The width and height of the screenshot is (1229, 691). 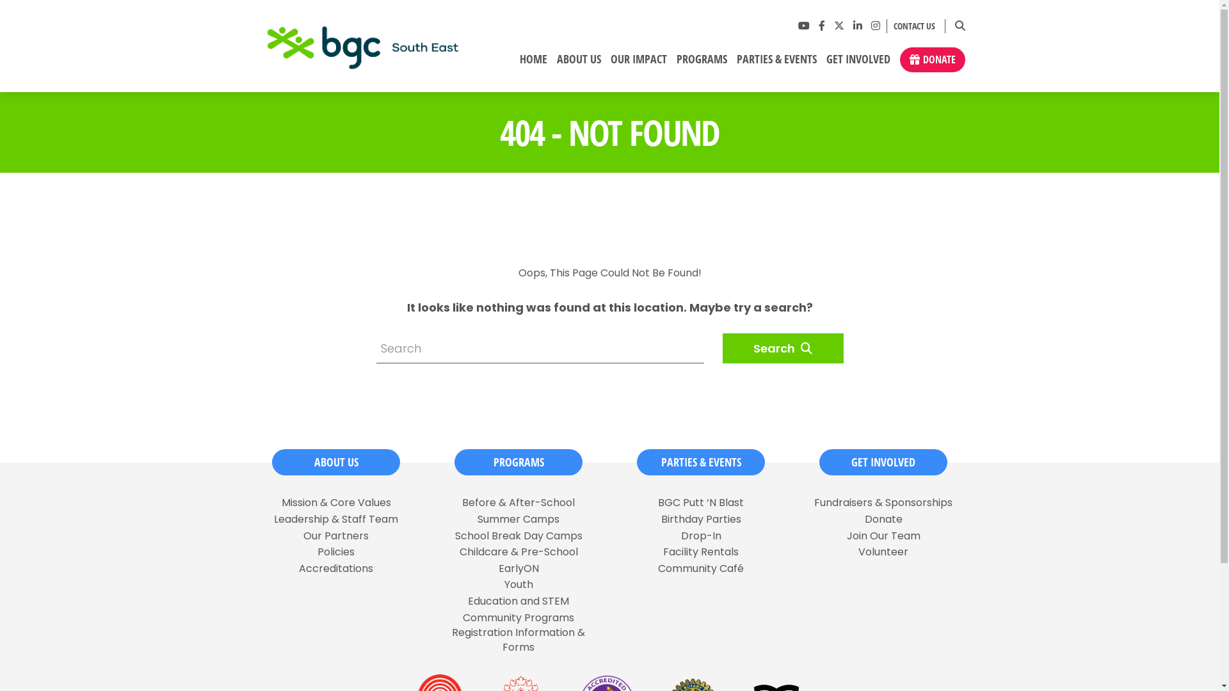 I want to click on 'ABOUT US', so click(x=577, y=64).